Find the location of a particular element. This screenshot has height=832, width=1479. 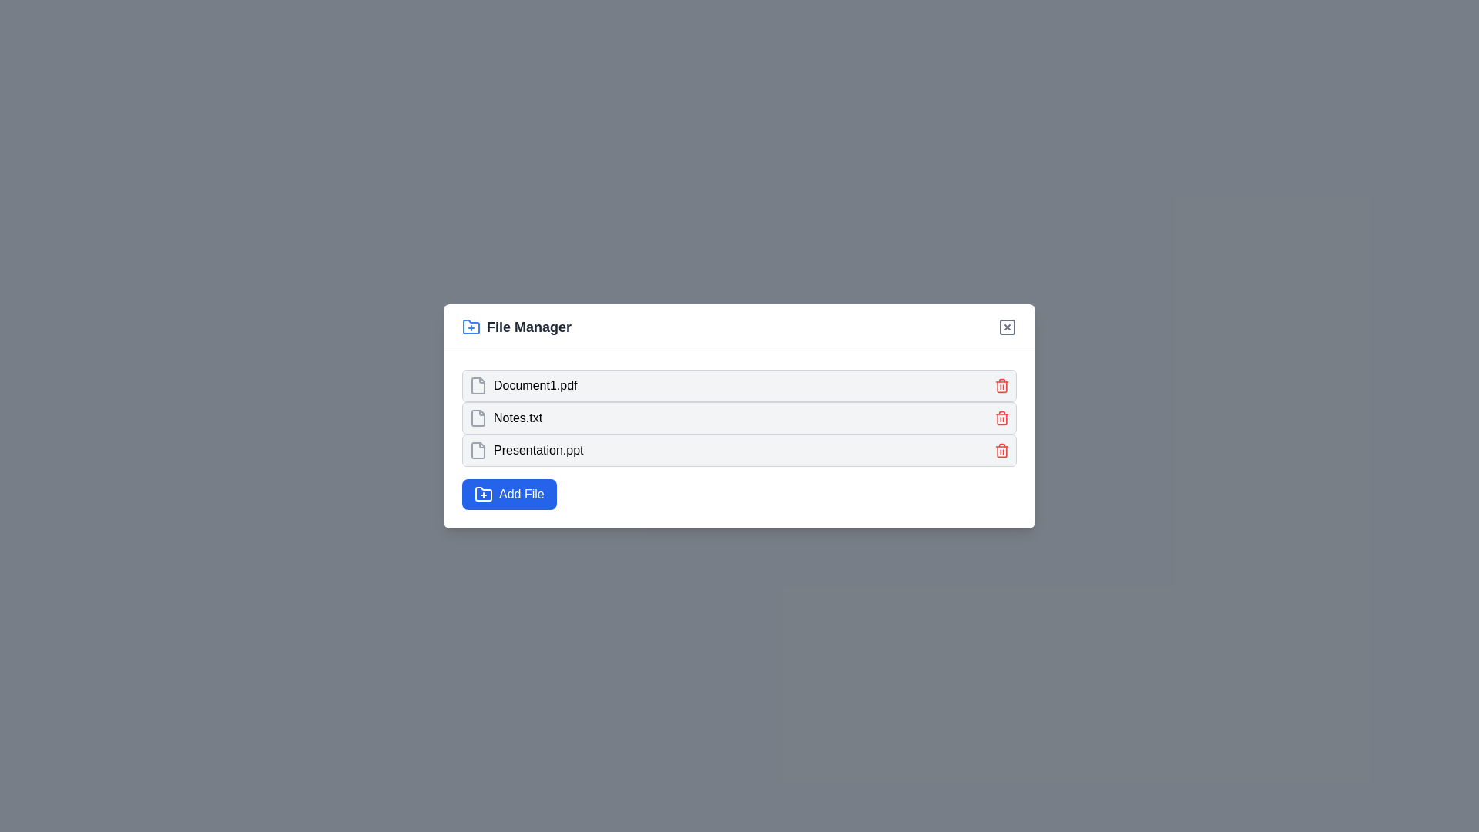

the icon element resembling a file outline, located to the far left of the row labeled 'Notes.txt' is located at coordinates (477, 418).